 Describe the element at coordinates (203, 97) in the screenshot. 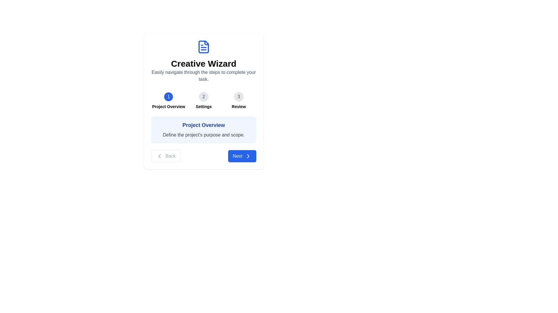

I see `the circular progress step indicator with the number '2' in darker gray text, located above the 'Settings' label, between 'Project Overview' and 'Review'` at that location.